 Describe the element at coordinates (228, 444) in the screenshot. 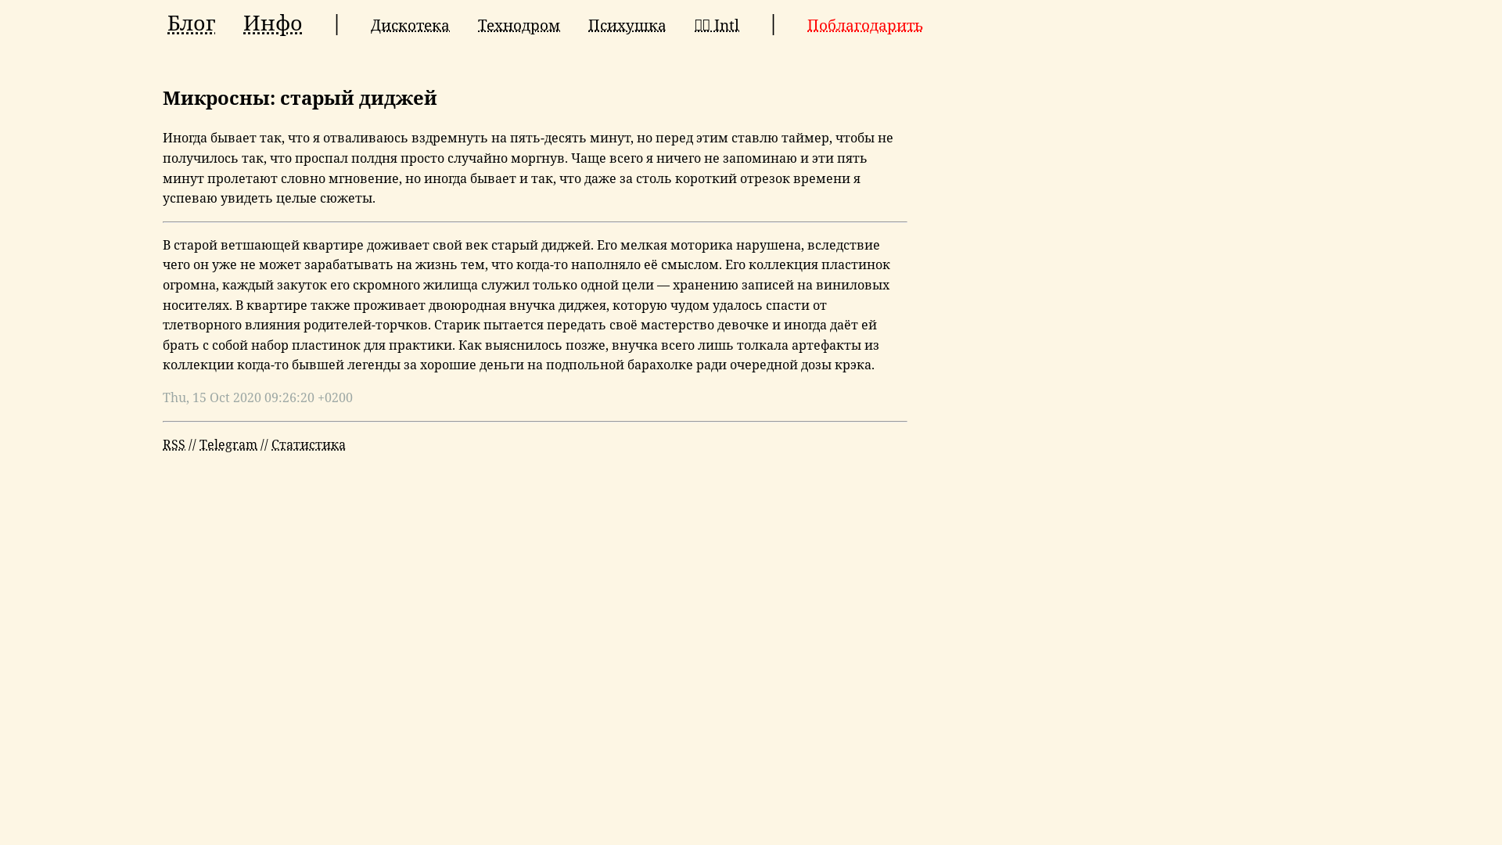

I see `'Telegram'` at that location.